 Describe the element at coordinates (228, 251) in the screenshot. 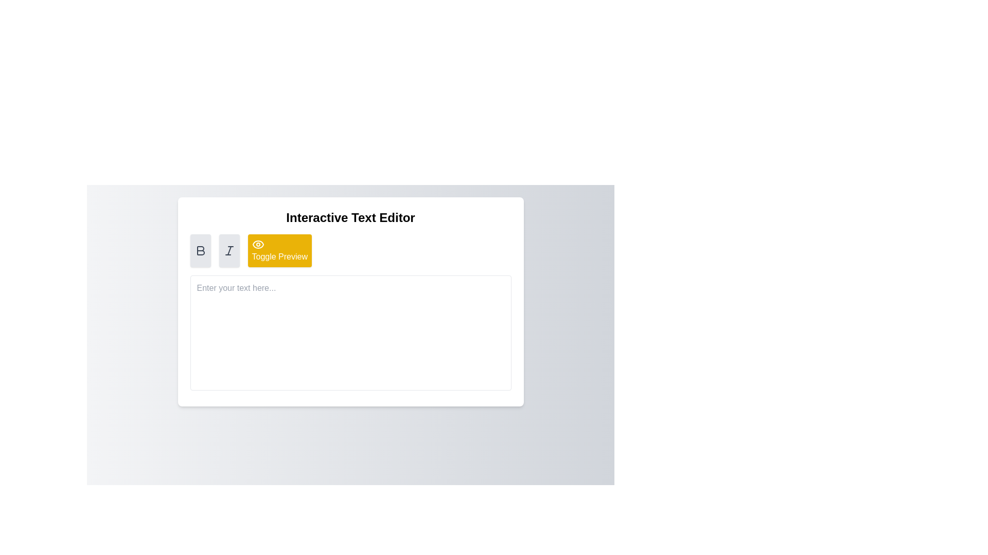

I see `the second icon button in the horizontal row` at that location.